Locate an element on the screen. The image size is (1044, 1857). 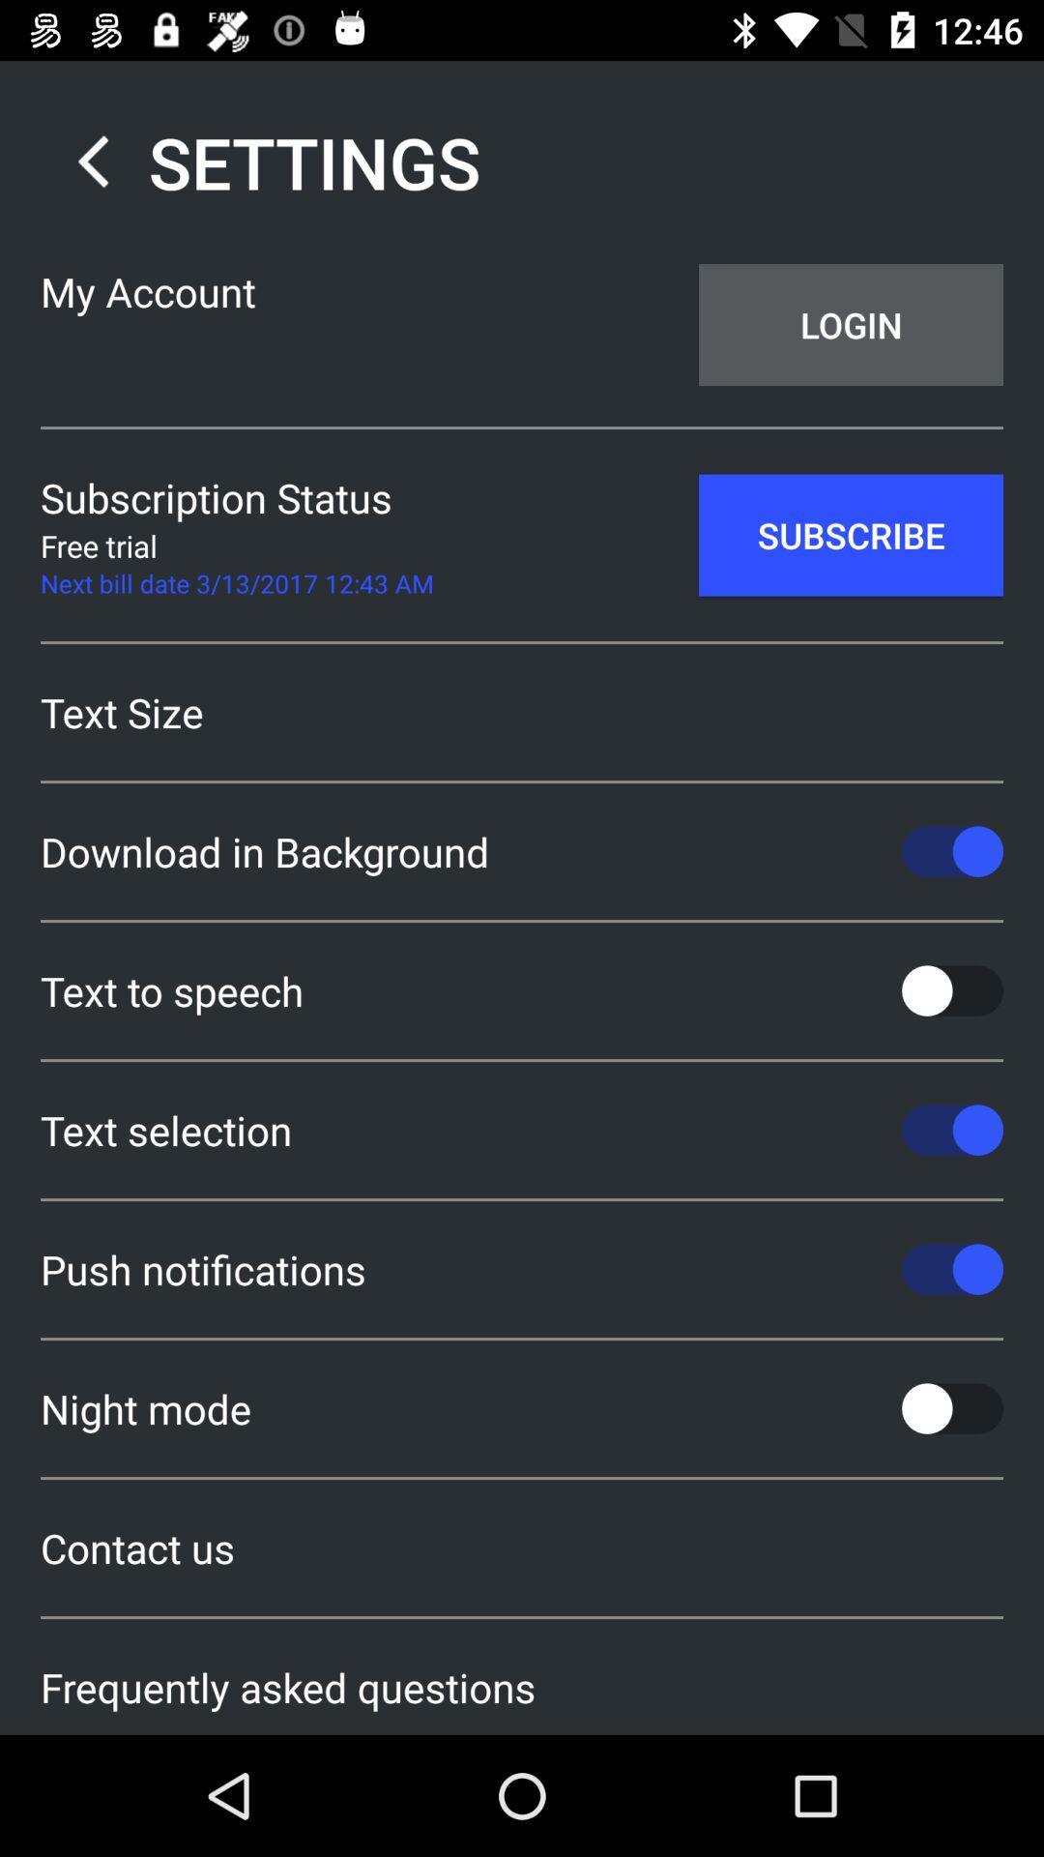
push notifications item is located at coordinates (522, 1269).